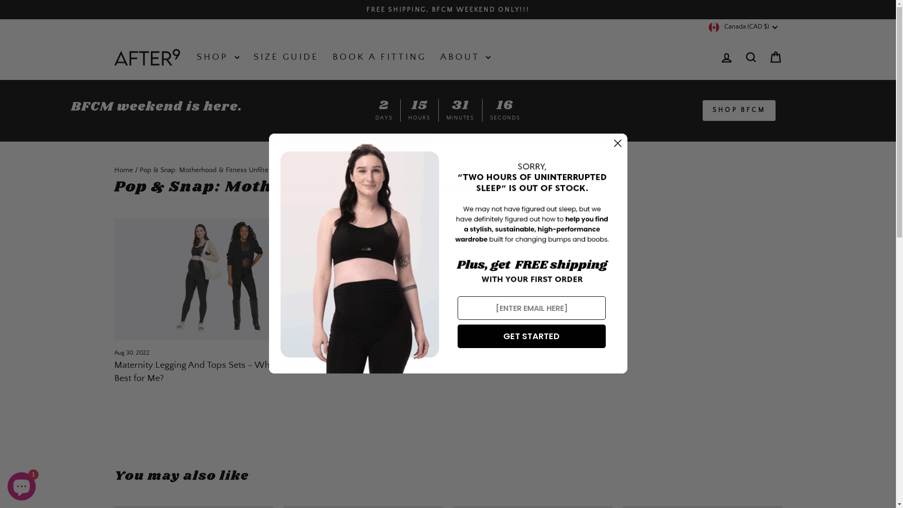  Describe the element at coordinates (744, 26) in the screenshot. I see `'Canada (CAD $)'` at that location.